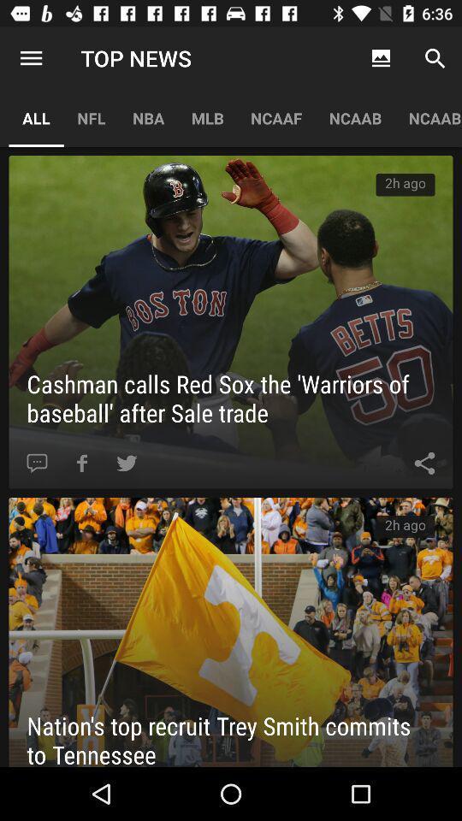 The image size is (462, 821). Describe the element at coordinates (92, 117) in the screenshot. I see `icon to the right of all app` at that location.